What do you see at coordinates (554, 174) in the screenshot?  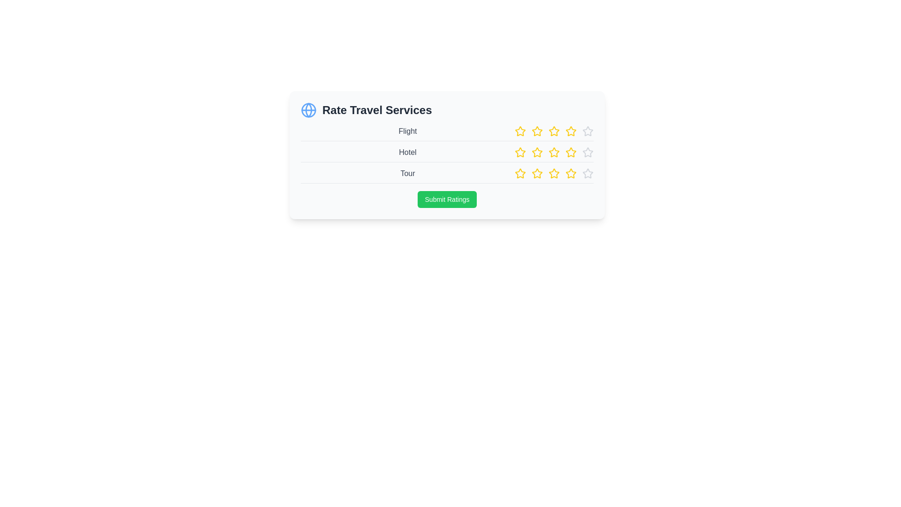 I see `the third star icon` at bounding box center [554, 174].